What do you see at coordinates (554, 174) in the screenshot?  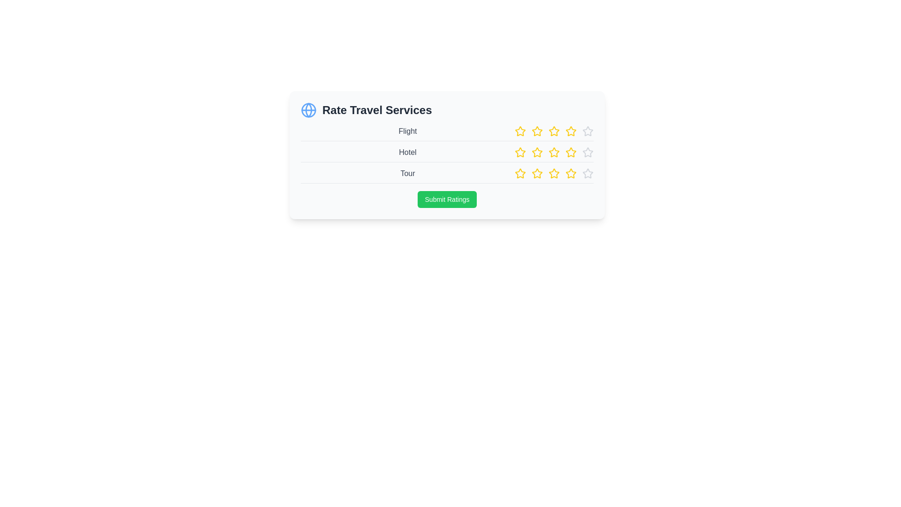 I see `the third star icon` at bounding box center [554, 174].